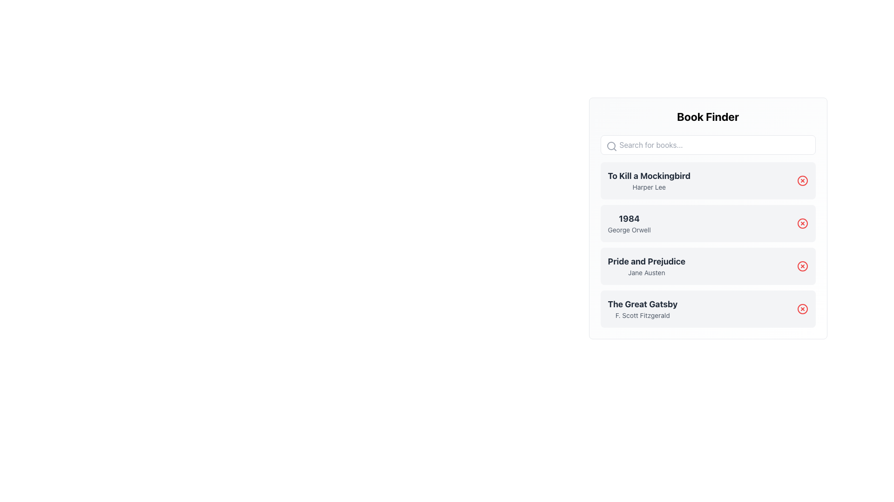 Image resolution: width=894 pixels, height=502 pixels. I want to click on the text label displaying the author's name for the book 'To Kill a Mockingbird', which is positioned below the book title in the 'Book Finder' interface, so click(649, 187).